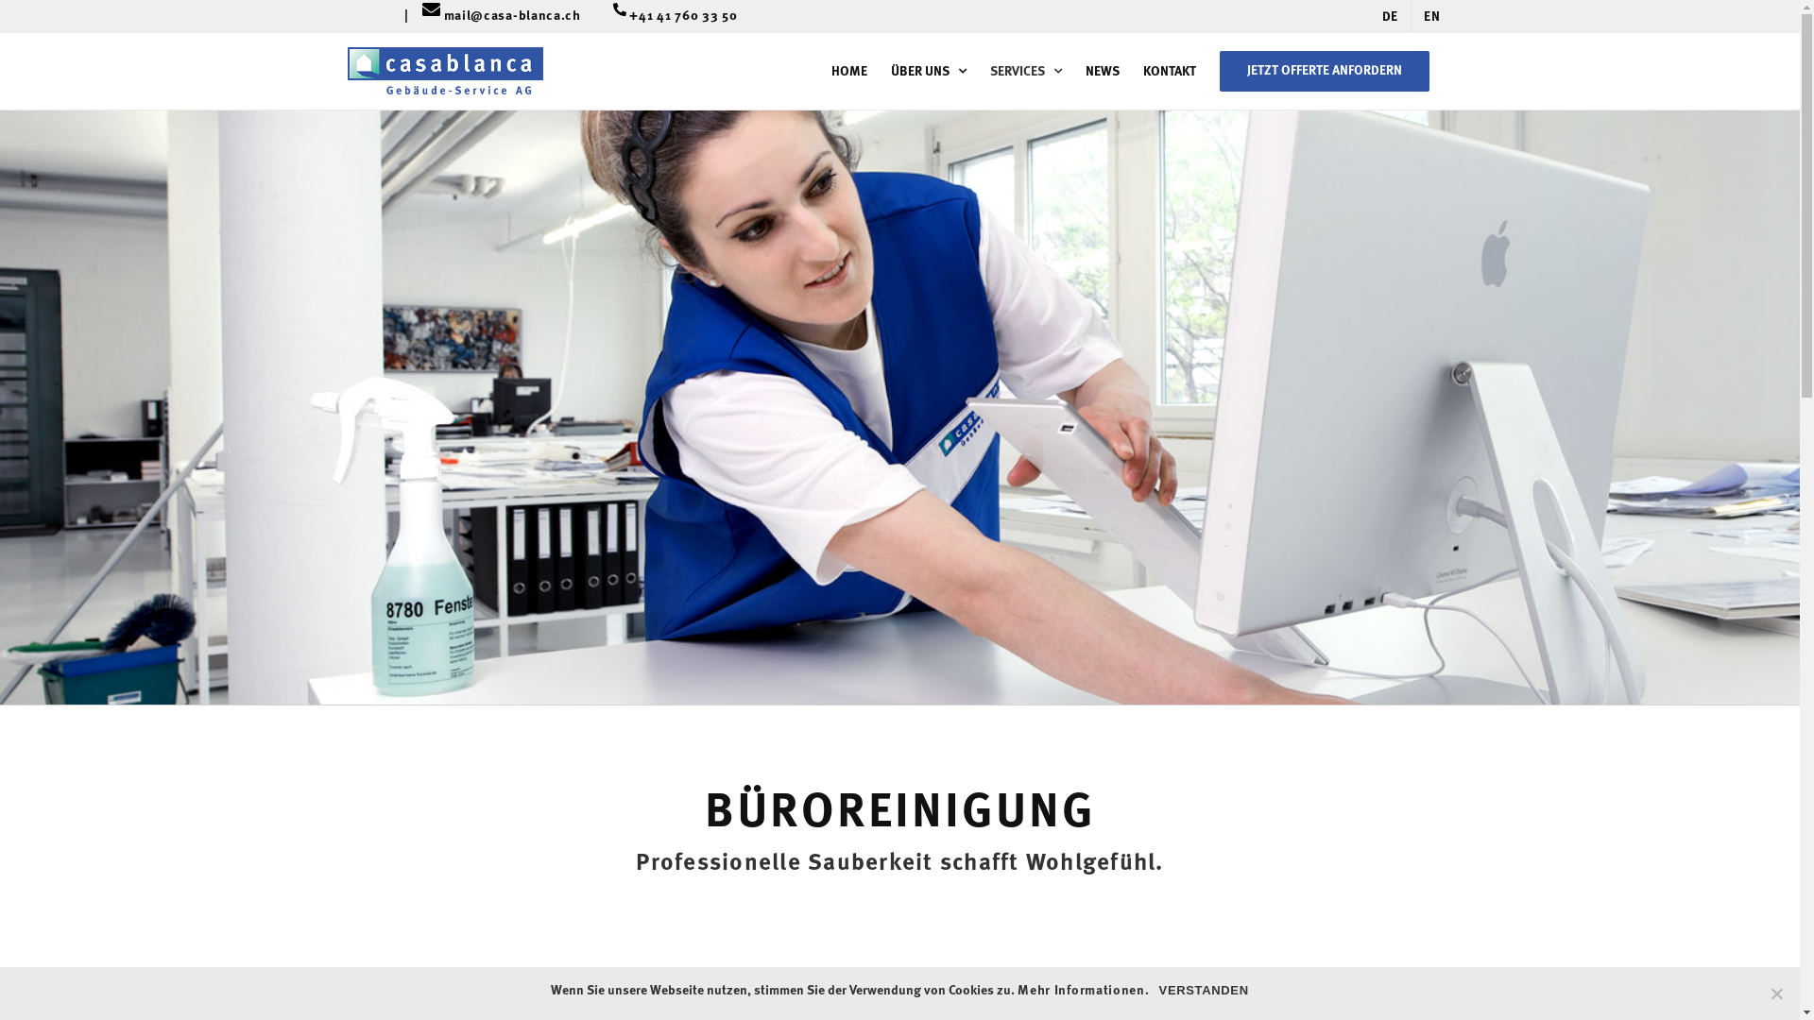  Describe the element at coordinates (1323, 70) in the screenshot. I see `'JETZT OFFERTE ANFORDERN'` at that location.